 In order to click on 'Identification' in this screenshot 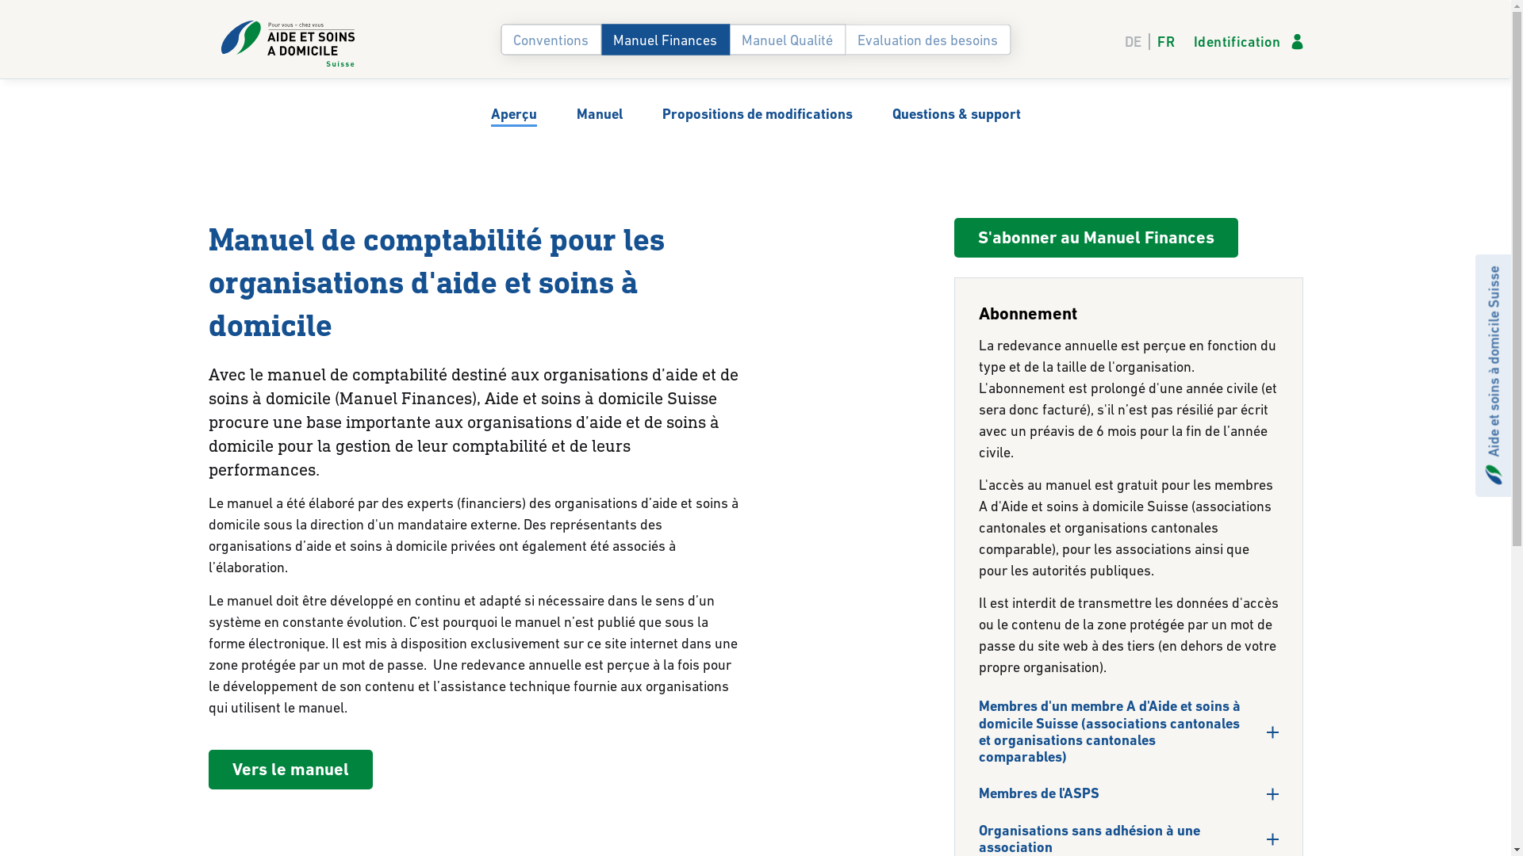, I will do `click(1247, 40)`.